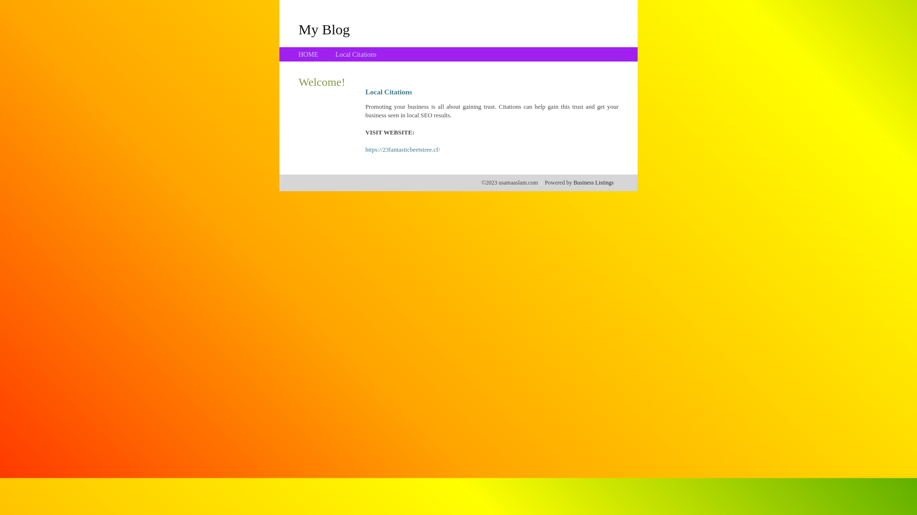  What do you see at coordinates (403, 149) in the screenshot?
I see `'https://23fantasticbeetstree.cf/'` at bounding box center [403, 149].